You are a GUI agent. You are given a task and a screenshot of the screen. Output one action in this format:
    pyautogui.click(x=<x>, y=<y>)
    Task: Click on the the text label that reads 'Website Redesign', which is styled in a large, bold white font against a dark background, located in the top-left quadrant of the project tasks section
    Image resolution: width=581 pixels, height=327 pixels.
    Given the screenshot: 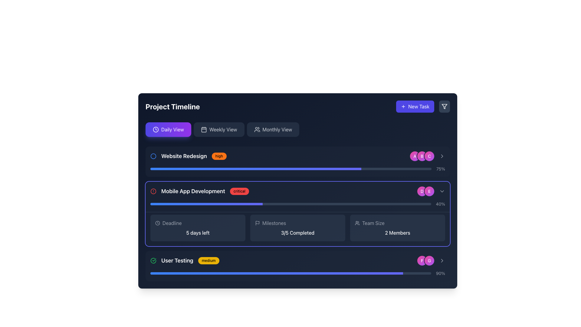 What is the action you would take?
    pyautogui.click(x=184, y=156)
    